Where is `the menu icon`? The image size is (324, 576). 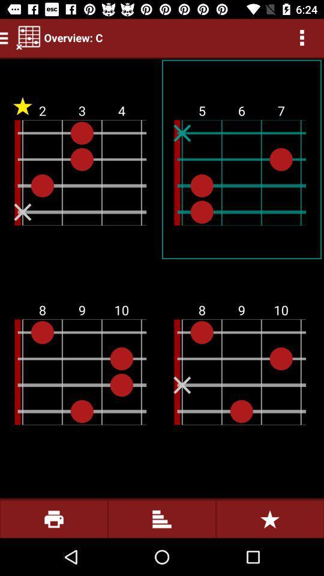
the menu icon is located at coordinates (5, 37).